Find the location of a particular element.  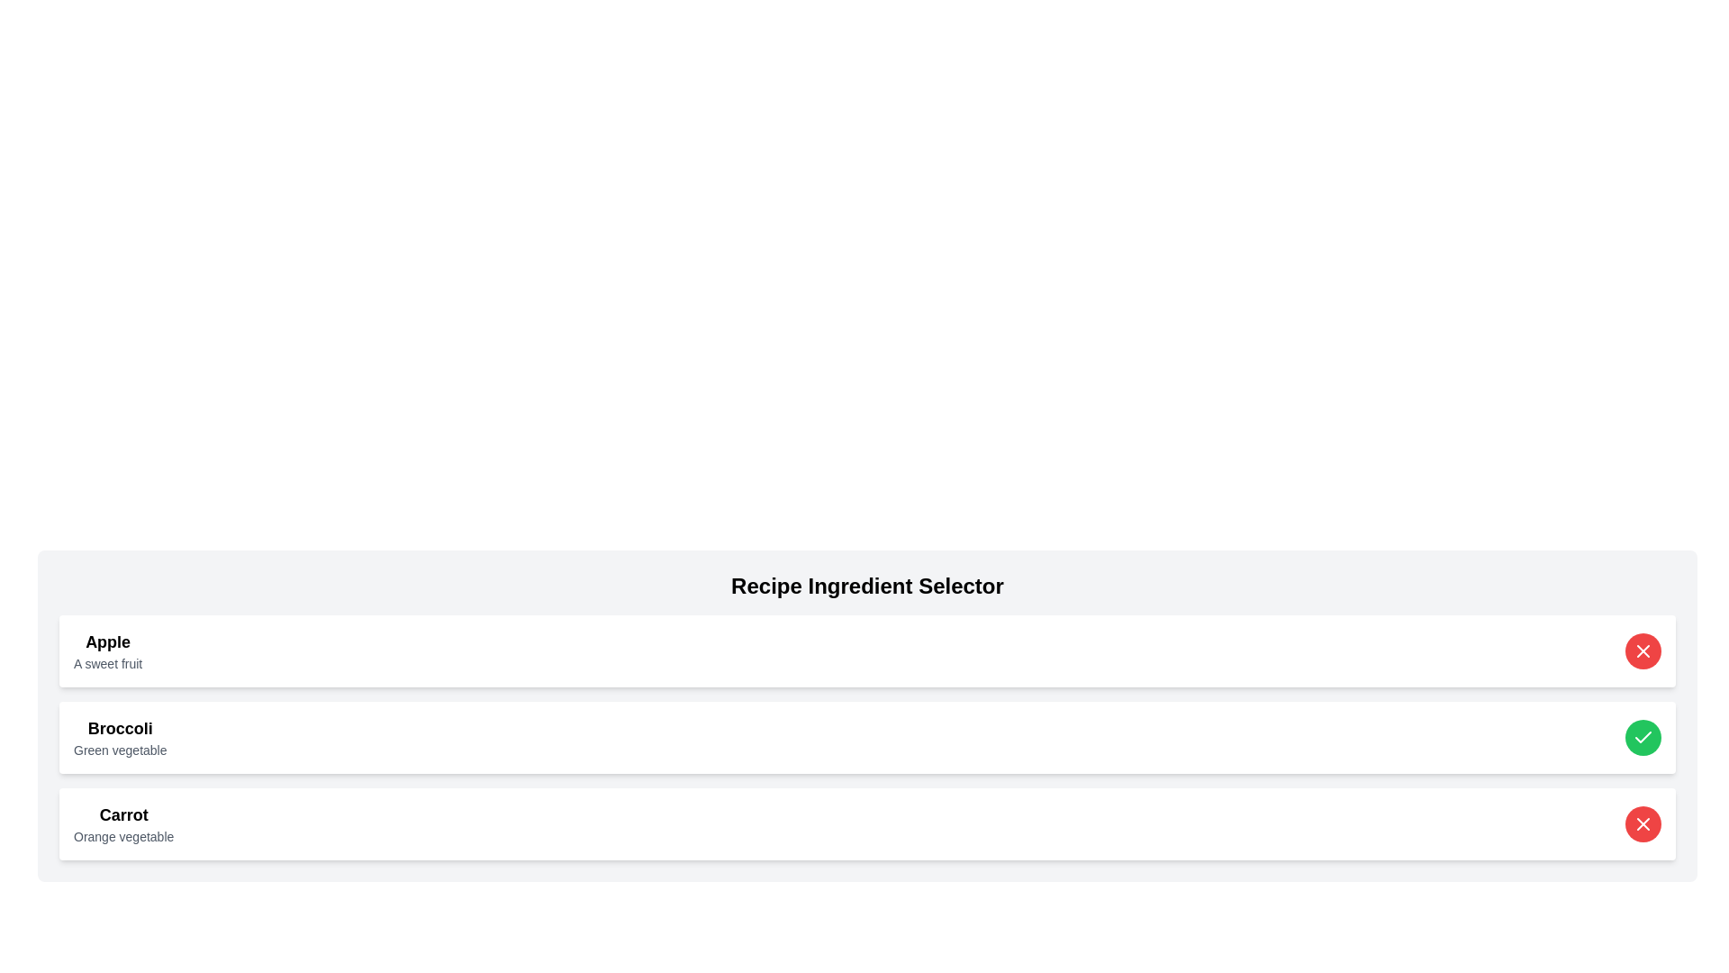

the text label displaying 'Apple' in bold, which is the first item in the 'Recipe Ingredient Selector' list is located at coordinates (107, 641).